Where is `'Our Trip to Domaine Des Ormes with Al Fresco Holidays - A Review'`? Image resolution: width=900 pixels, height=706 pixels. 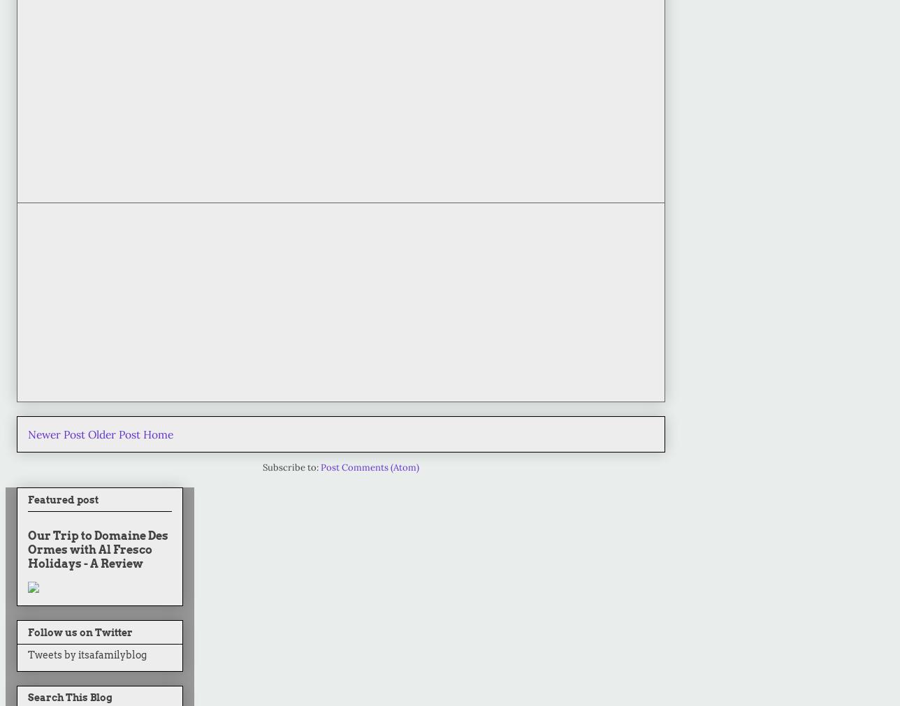
'Our Trip to Domaine Des Ormes with Al Fresco Holidays - A Review' is located at coordinates (98, 548).